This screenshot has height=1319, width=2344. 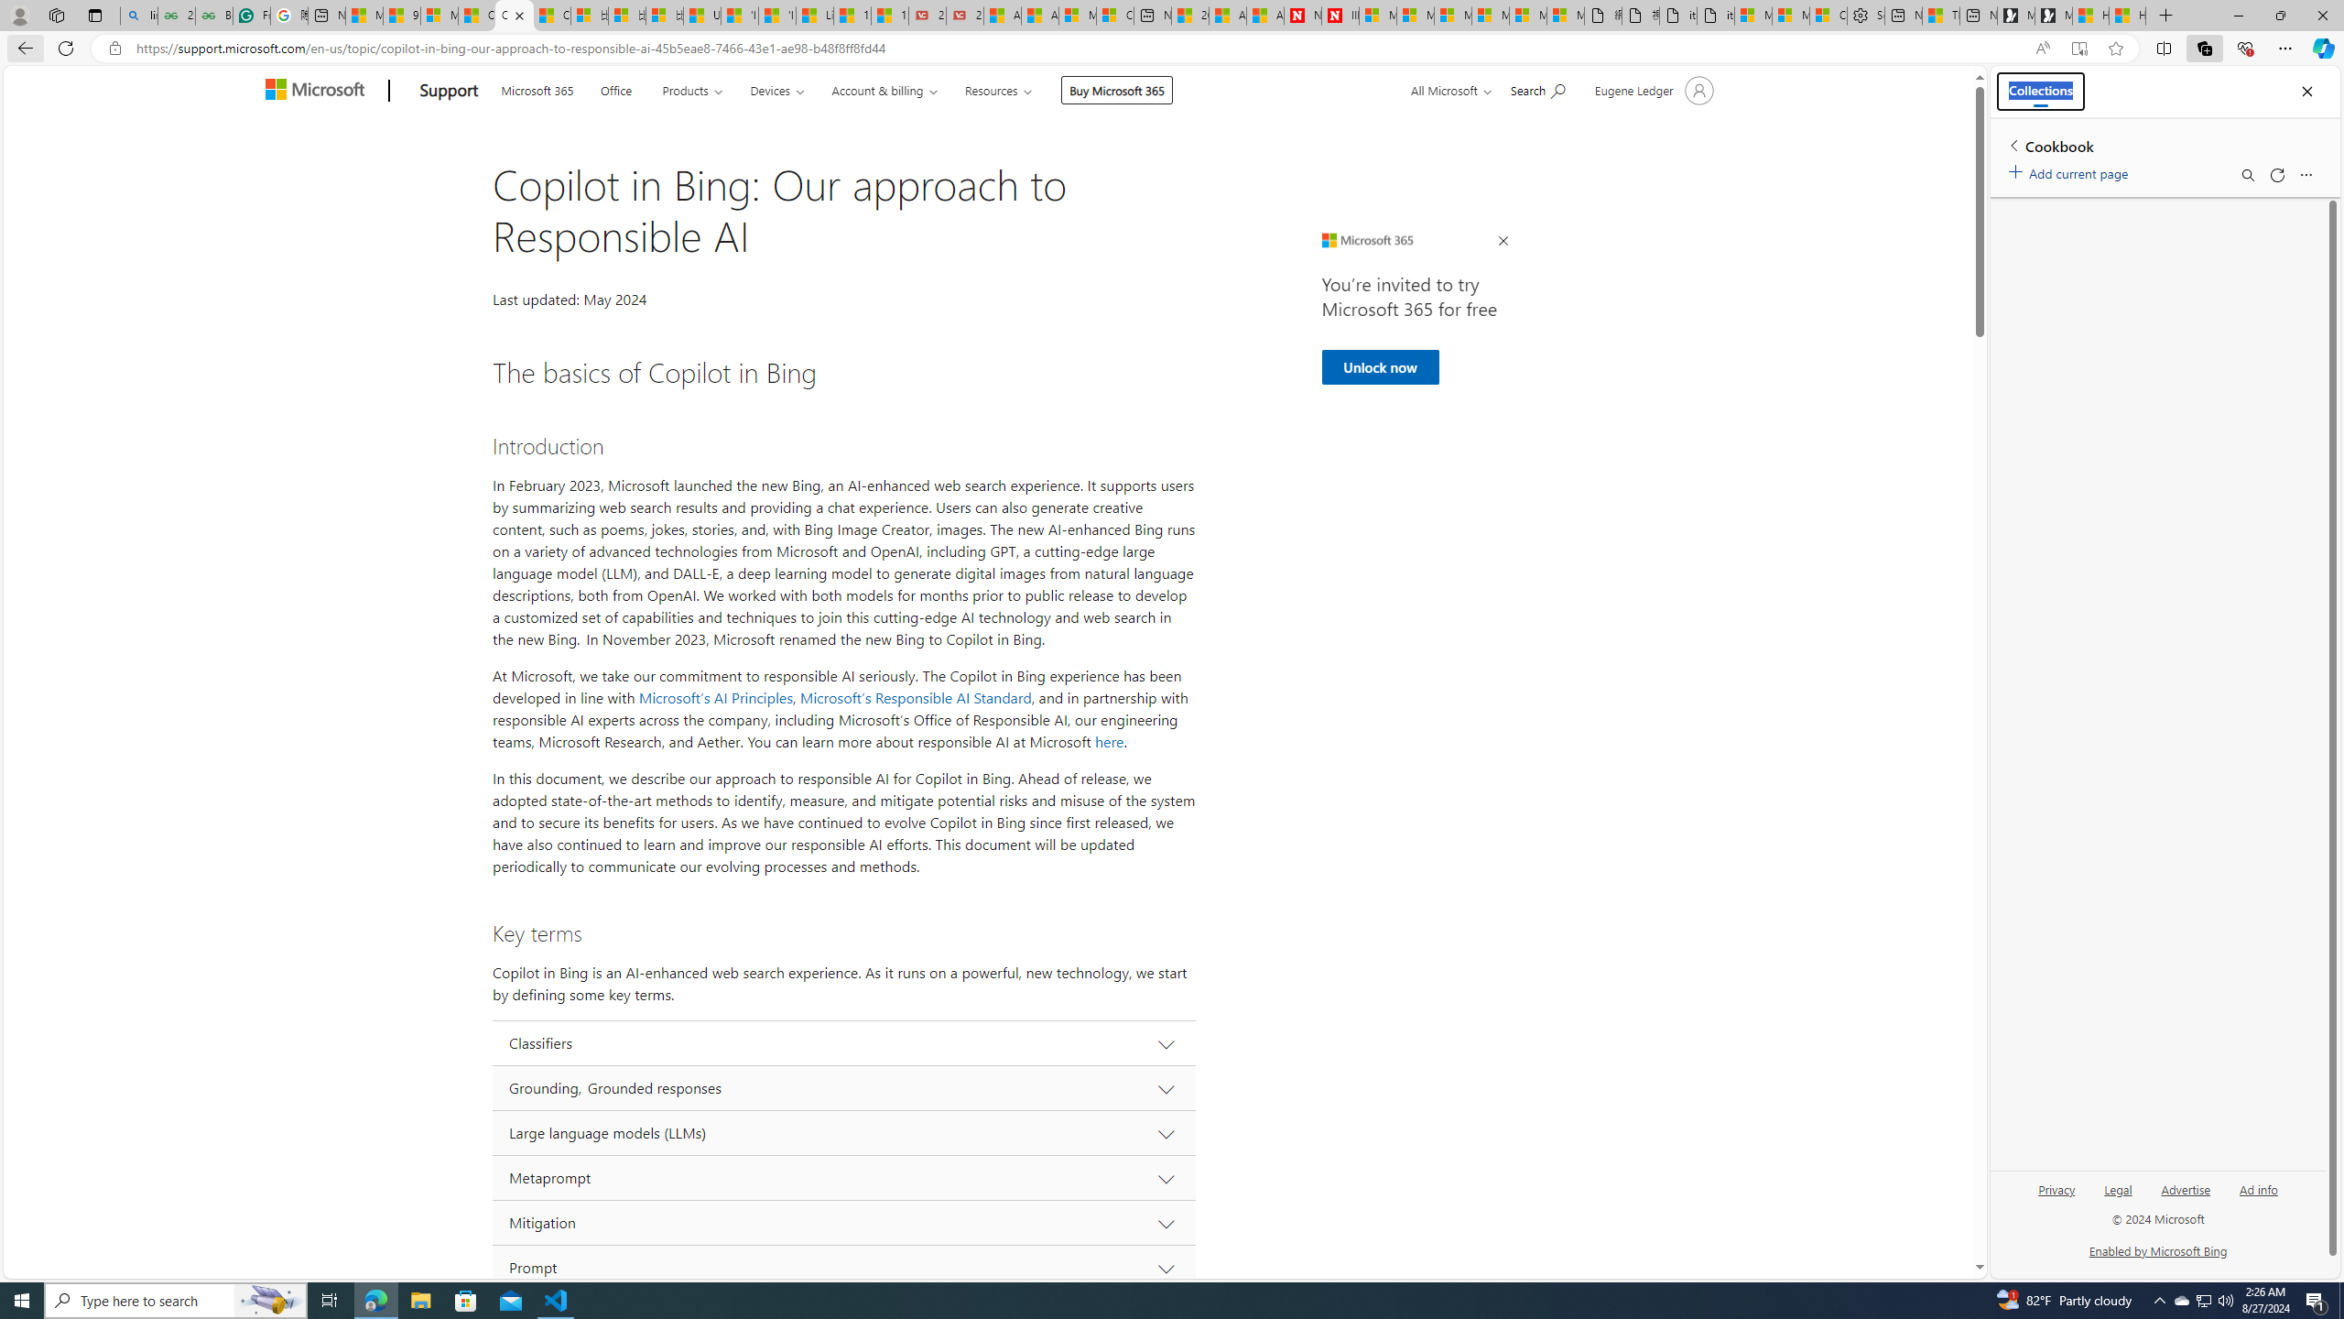 What do you see at coordinates (701, 15) in the screenshot?
I see `'USA TODAY - MSN'` at bounding box center [701, 15].